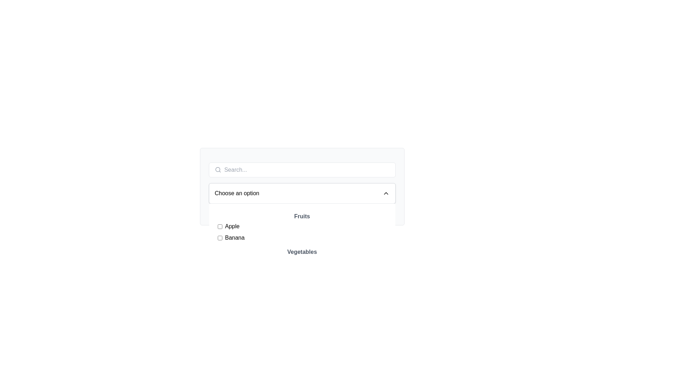  Describe the element at coordinates (220, 238) in the screenshot. I see `the 'Banana' checkbox located in the 'Fruits' section, positioned below the 'Apple' checkbox` at that location.